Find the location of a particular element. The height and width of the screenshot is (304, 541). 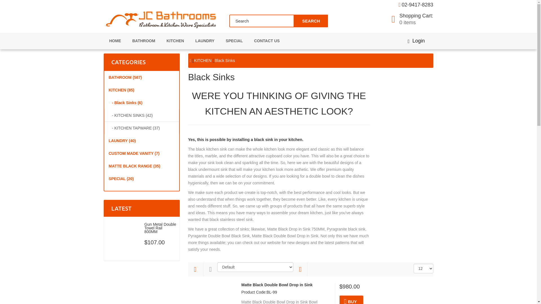

'Matte Black Double Bowl Drop in Sink' is located at coordinates (277, 285).